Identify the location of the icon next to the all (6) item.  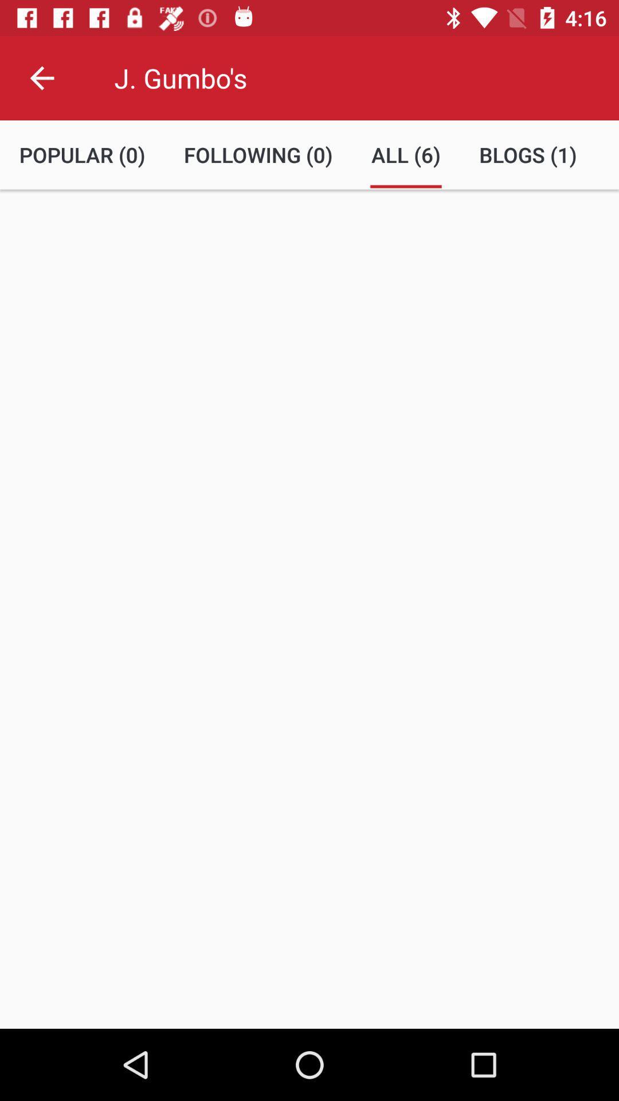
(258, 154).